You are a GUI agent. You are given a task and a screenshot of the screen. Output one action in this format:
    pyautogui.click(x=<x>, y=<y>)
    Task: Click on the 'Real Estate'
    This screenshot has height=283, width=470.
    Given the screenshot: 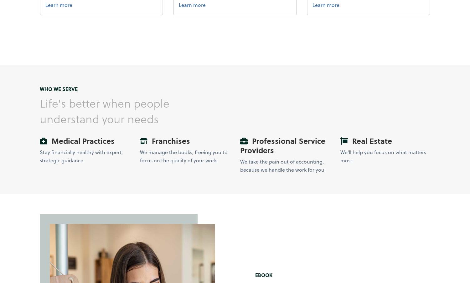 What is the action you would take?
    pyautogui.click(x=370, y=140)
    